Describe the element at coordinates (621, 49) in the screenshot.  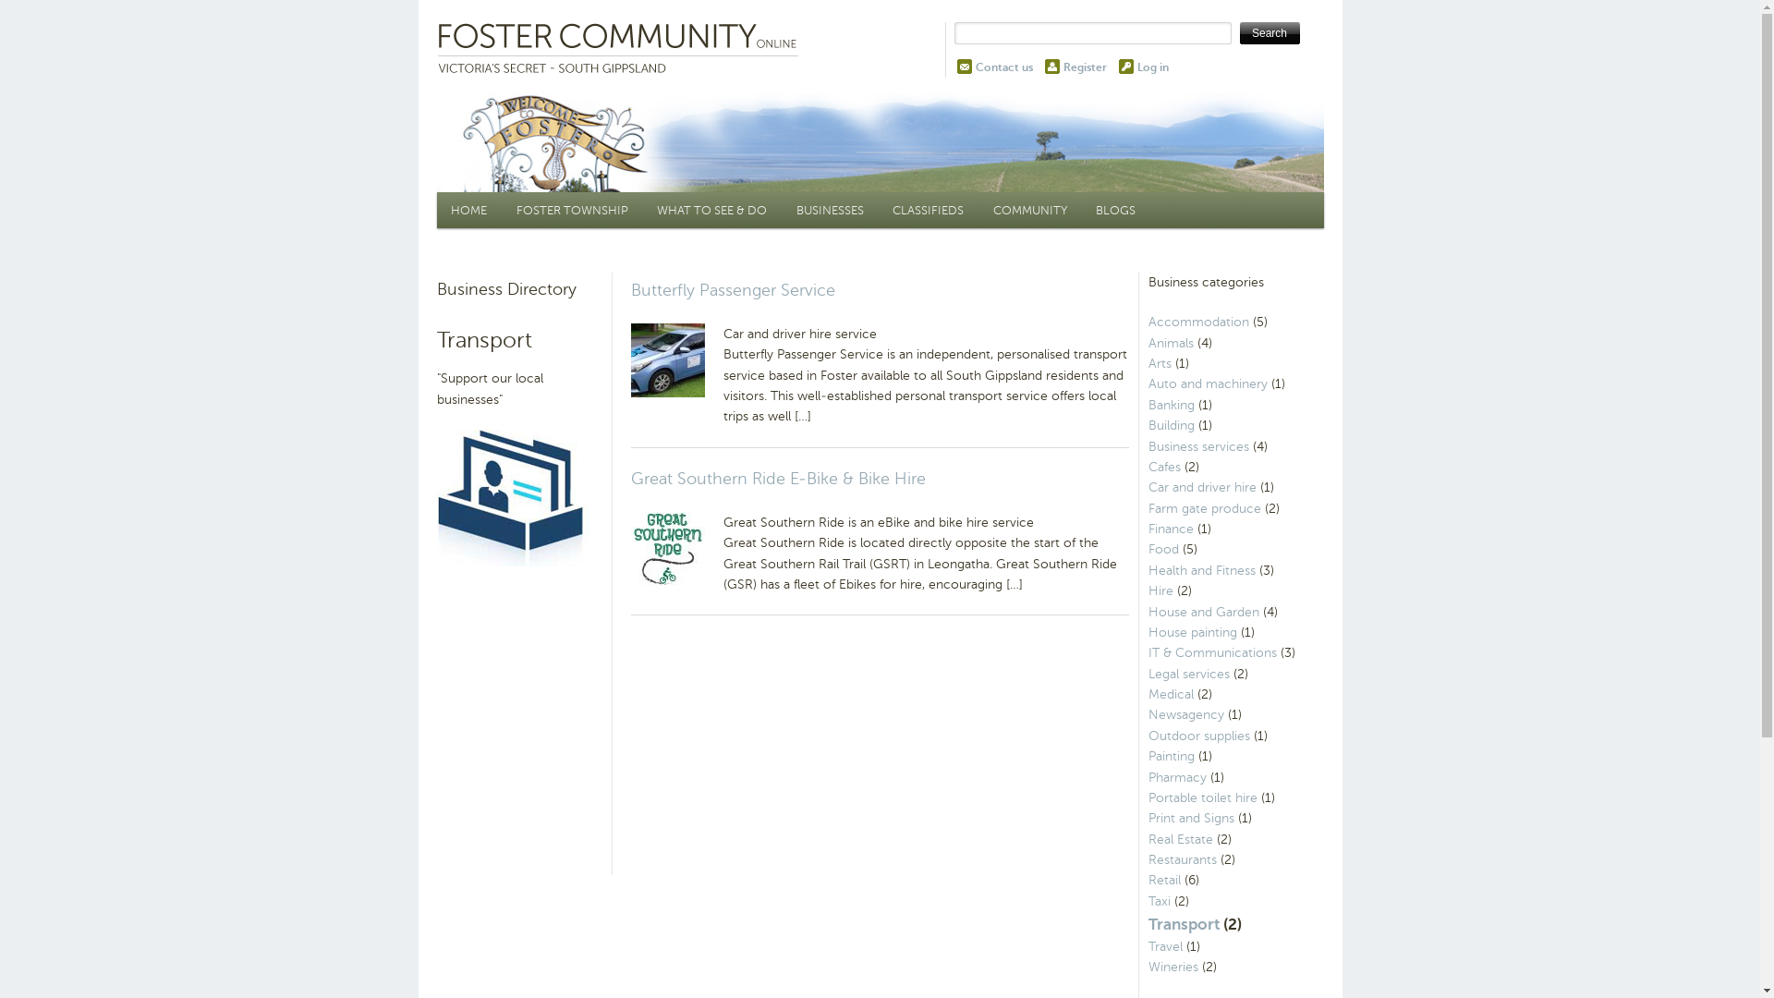
I see `'Victoria's Secret | South Gippsland: Home'` at that location.